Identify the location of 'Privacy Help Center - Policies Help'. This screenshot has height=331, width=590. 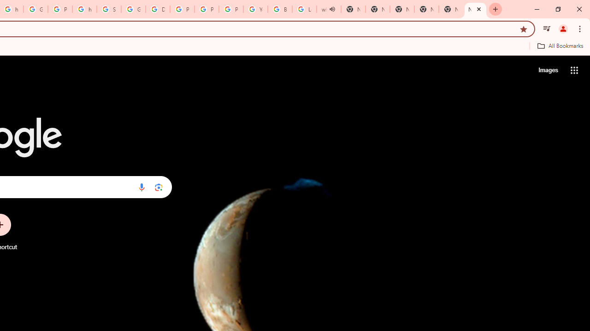
(182, 9).